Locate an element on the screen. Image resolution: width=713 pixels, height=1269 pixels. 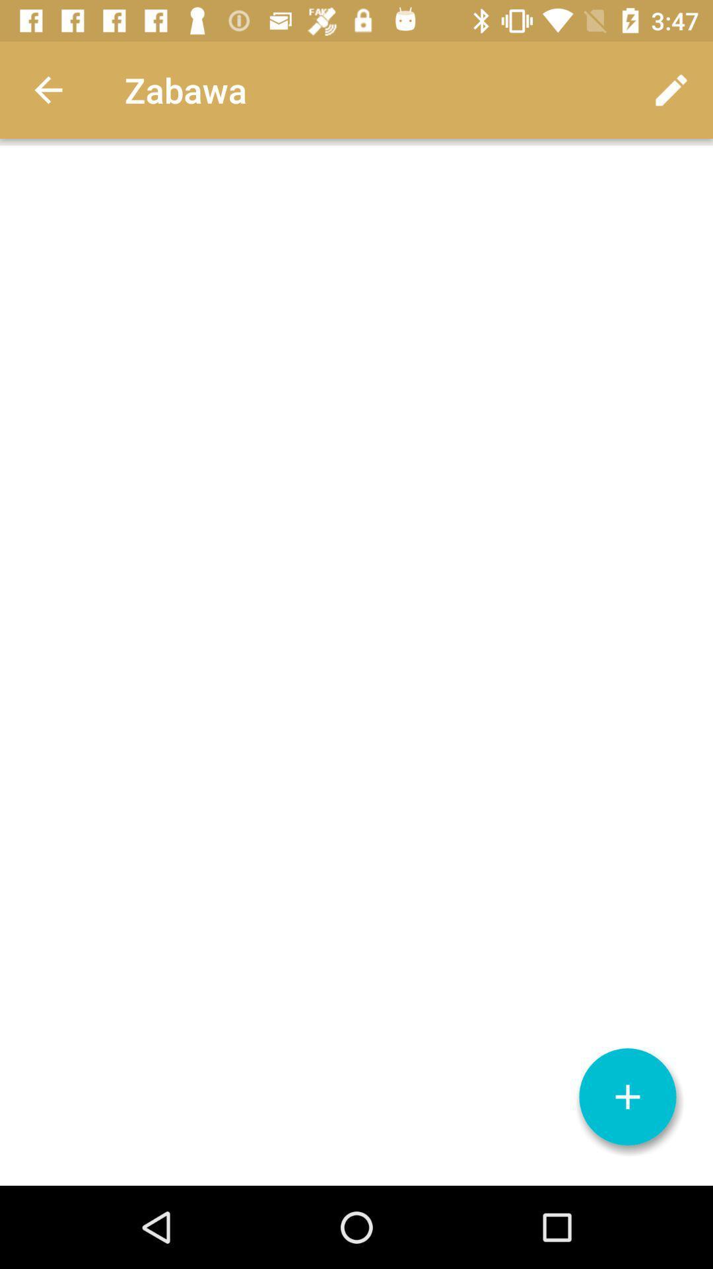
the item next to the zabawa item is located at coordinates (671, 89).